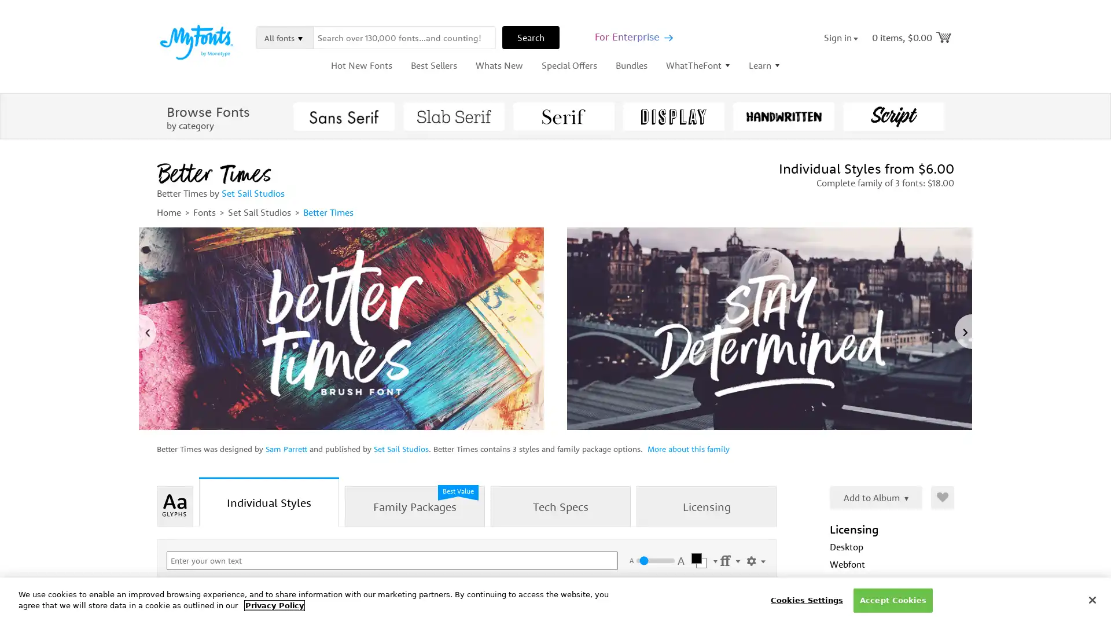  Describe the element at coordinates (875, 497) in the screenshot. I see `Add to Album` at that location.